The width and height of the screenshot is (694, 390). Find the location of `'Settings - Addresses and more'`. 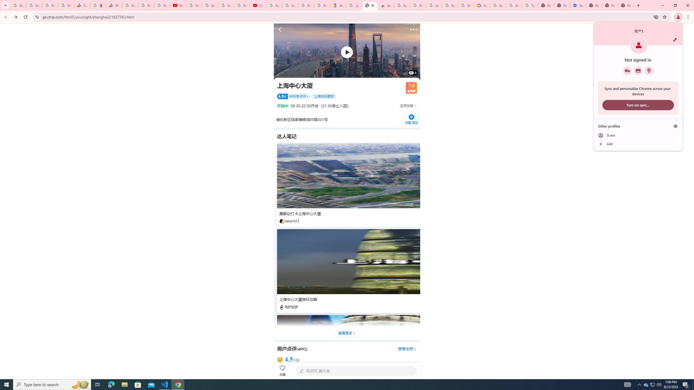

'Settings - Addresses and more' is located at coordinates (578, 5).